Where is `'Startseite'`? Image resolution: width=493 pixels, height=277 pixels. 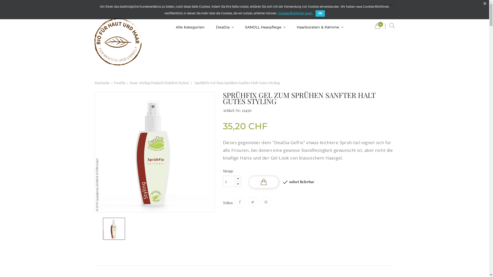 'Startseite' is located at coordinates (102, 83).